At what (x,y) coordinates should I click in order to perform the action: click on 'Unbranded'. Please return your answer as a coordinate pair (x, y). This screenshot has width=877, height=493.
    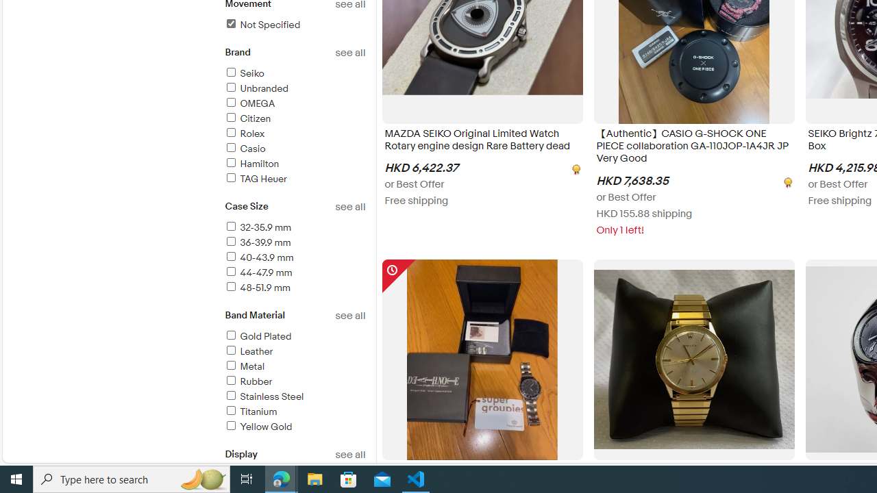
    Looking at the image, I should click on (256, 88).